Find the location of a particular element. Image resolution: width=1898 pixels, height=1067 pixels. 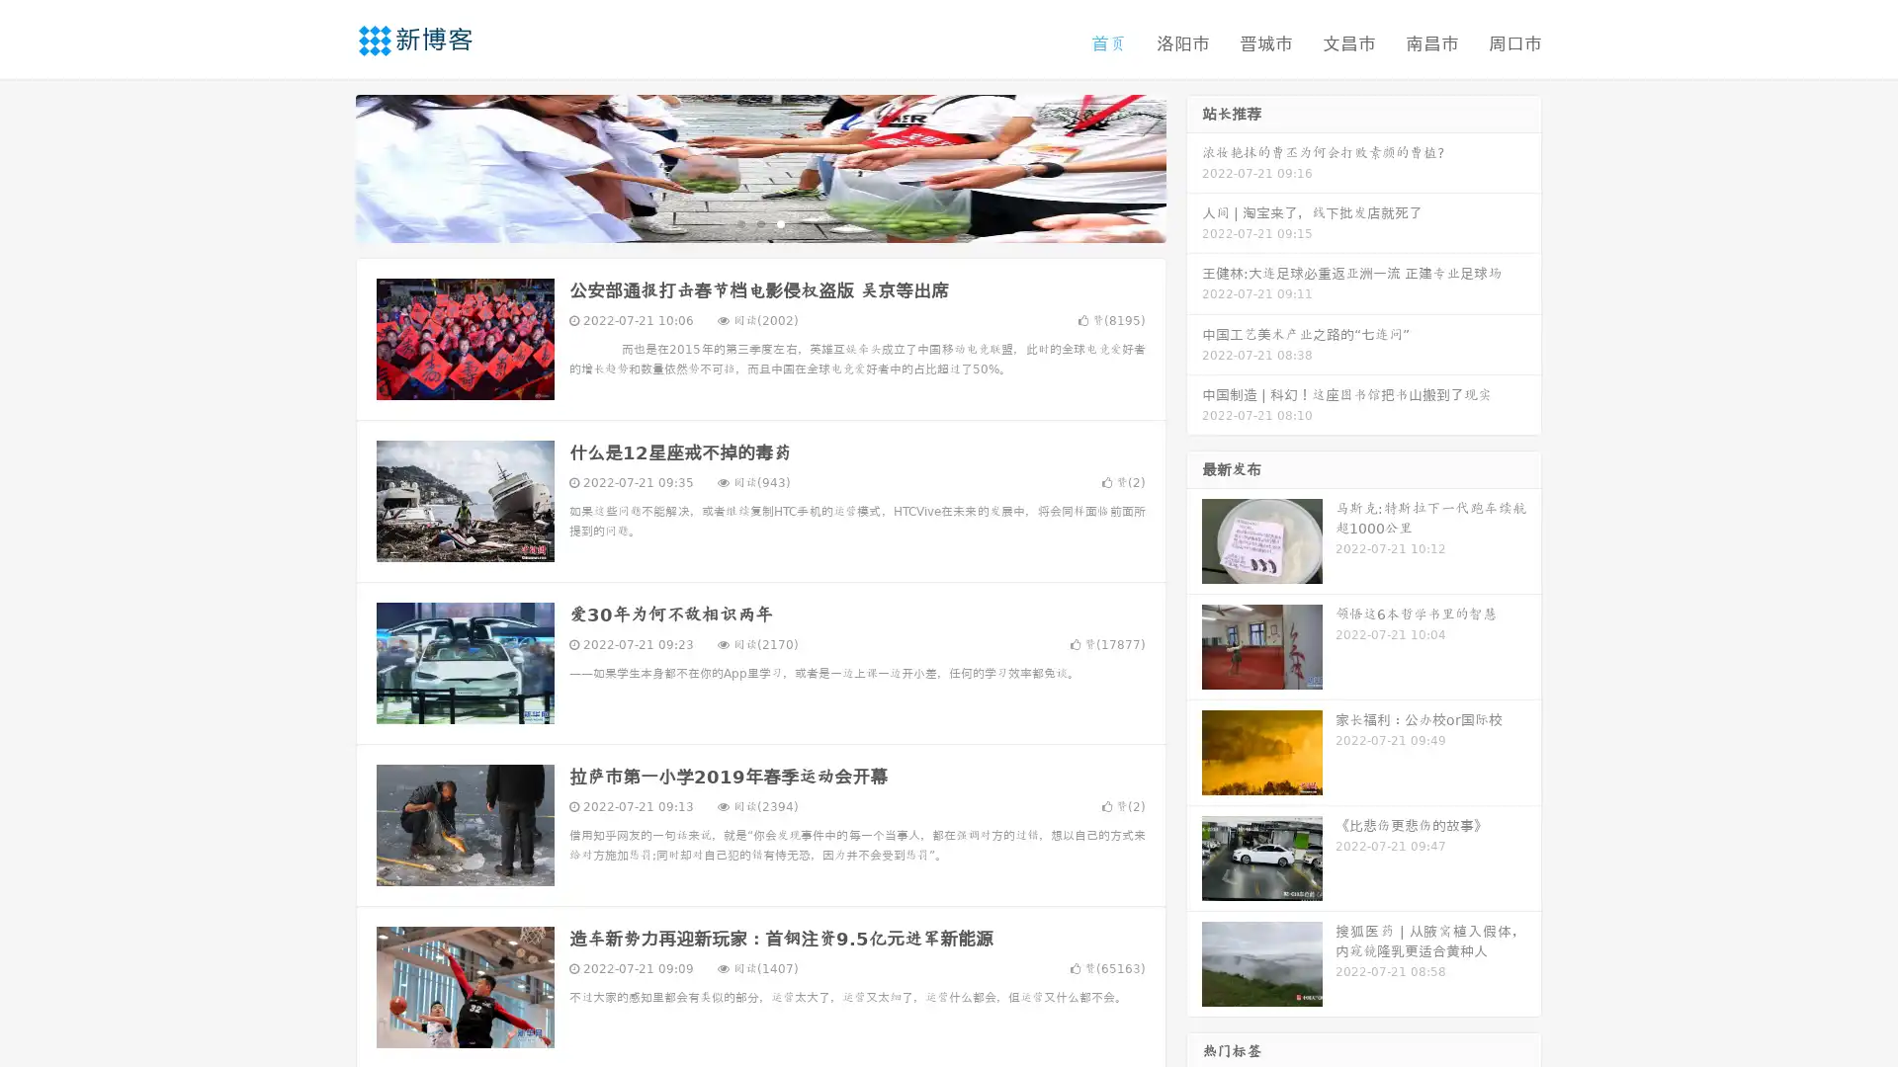

Go to slide 3 is located at coordinates (780, 222).